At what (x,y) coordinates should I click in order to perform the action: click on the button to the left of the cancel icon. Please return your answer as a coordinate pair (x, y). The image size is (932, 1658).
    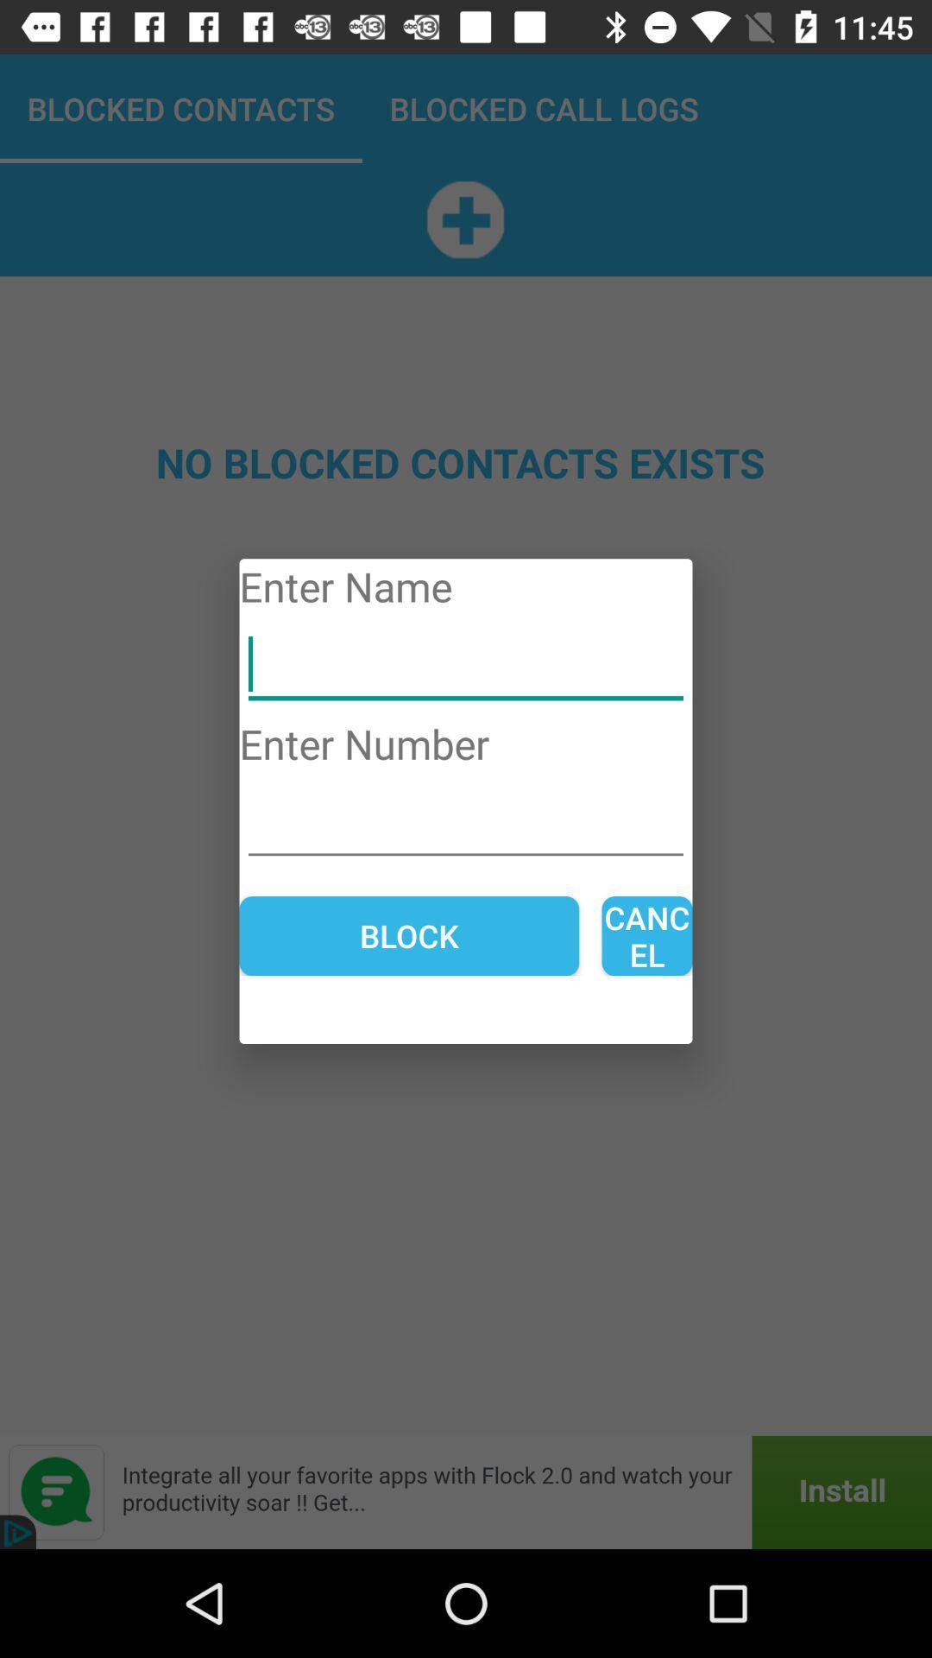
    Looking at the image, I should click on (409, 935).